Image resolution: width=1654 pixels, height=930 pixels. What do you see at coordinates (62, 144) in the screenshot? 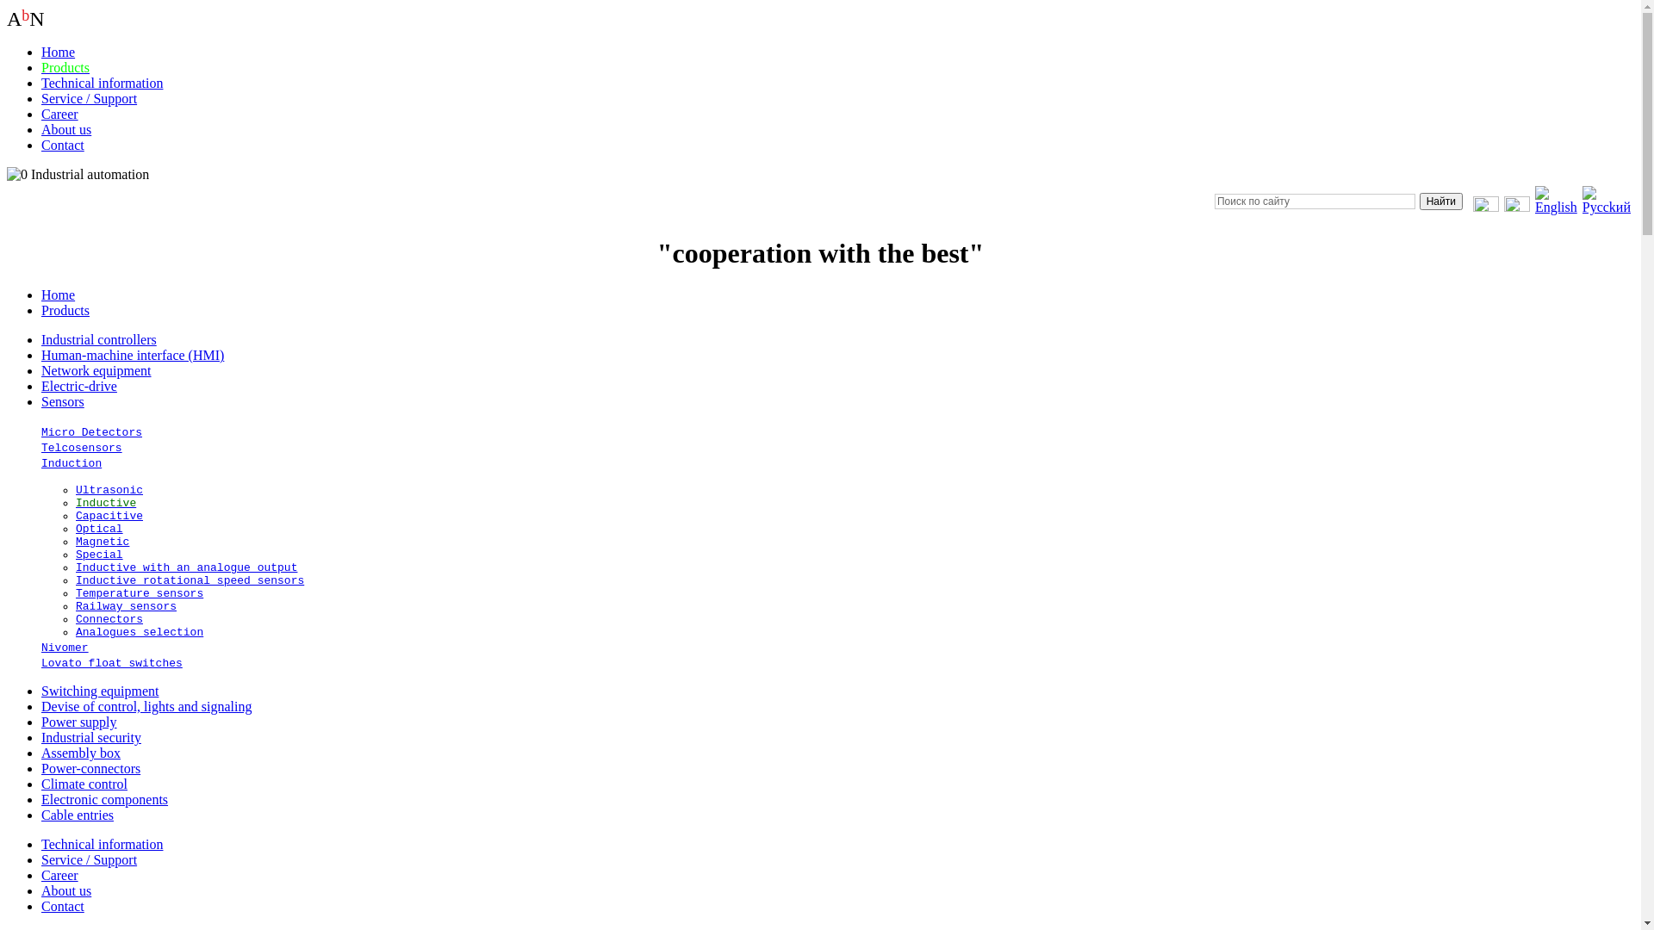
I see `'Contact'` at bounding box center [62, 144].